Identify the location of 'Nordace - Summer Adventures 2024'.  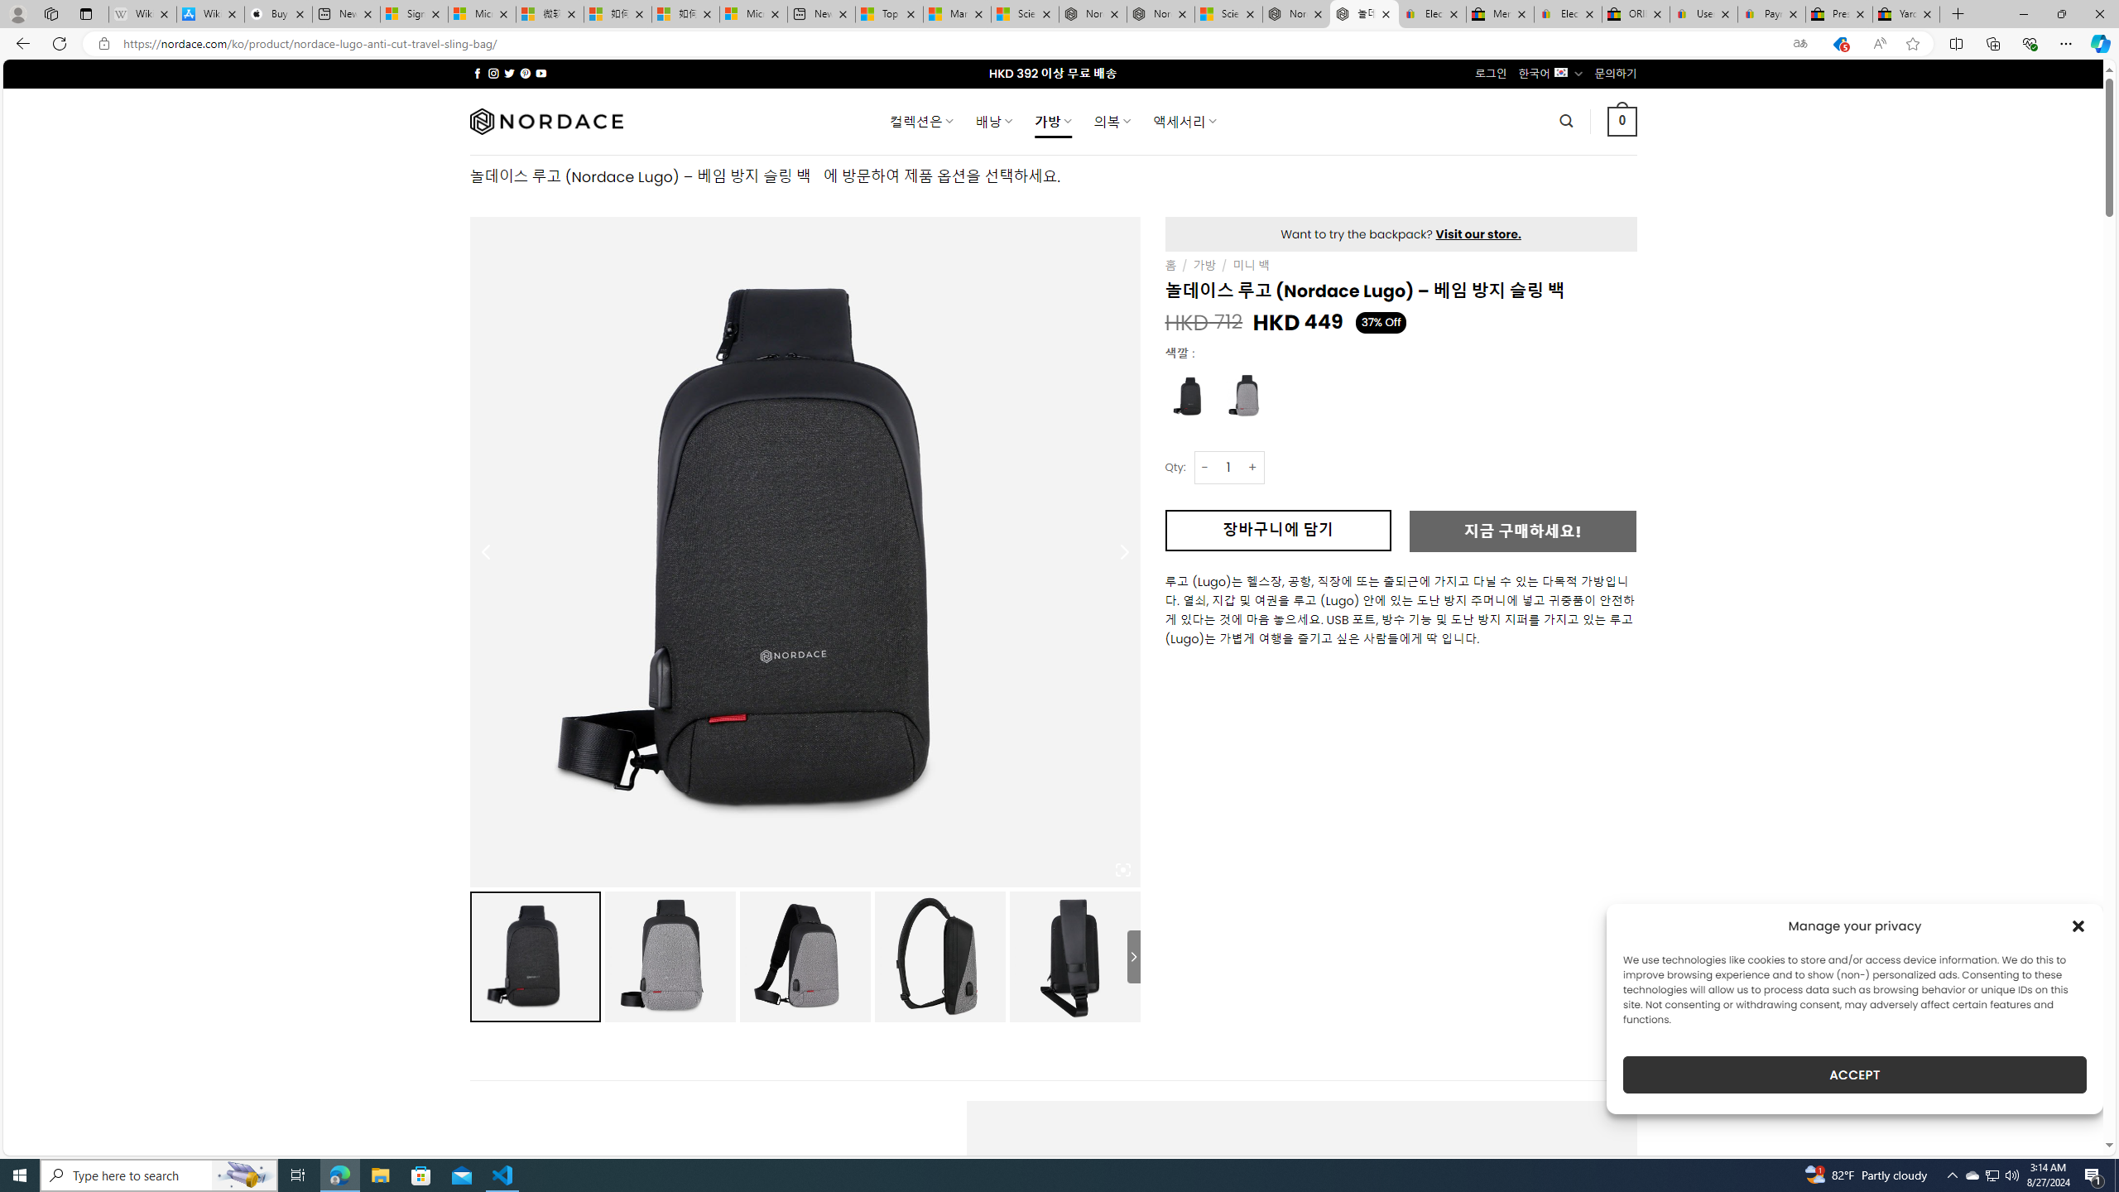
(1295, 13).